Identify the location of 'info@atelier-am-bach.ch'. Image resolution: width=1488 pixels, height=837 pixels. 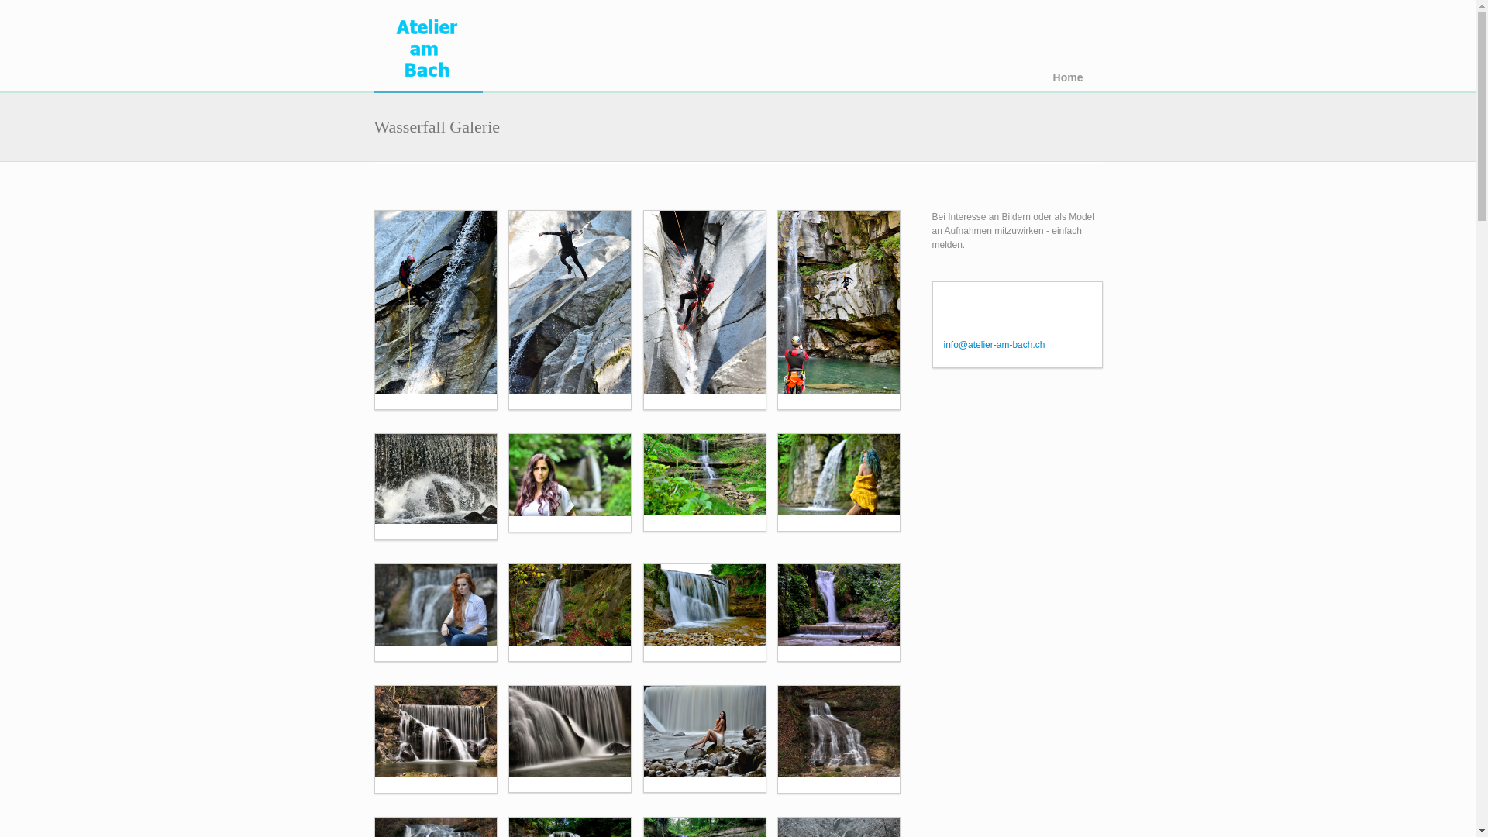
(994, 343).